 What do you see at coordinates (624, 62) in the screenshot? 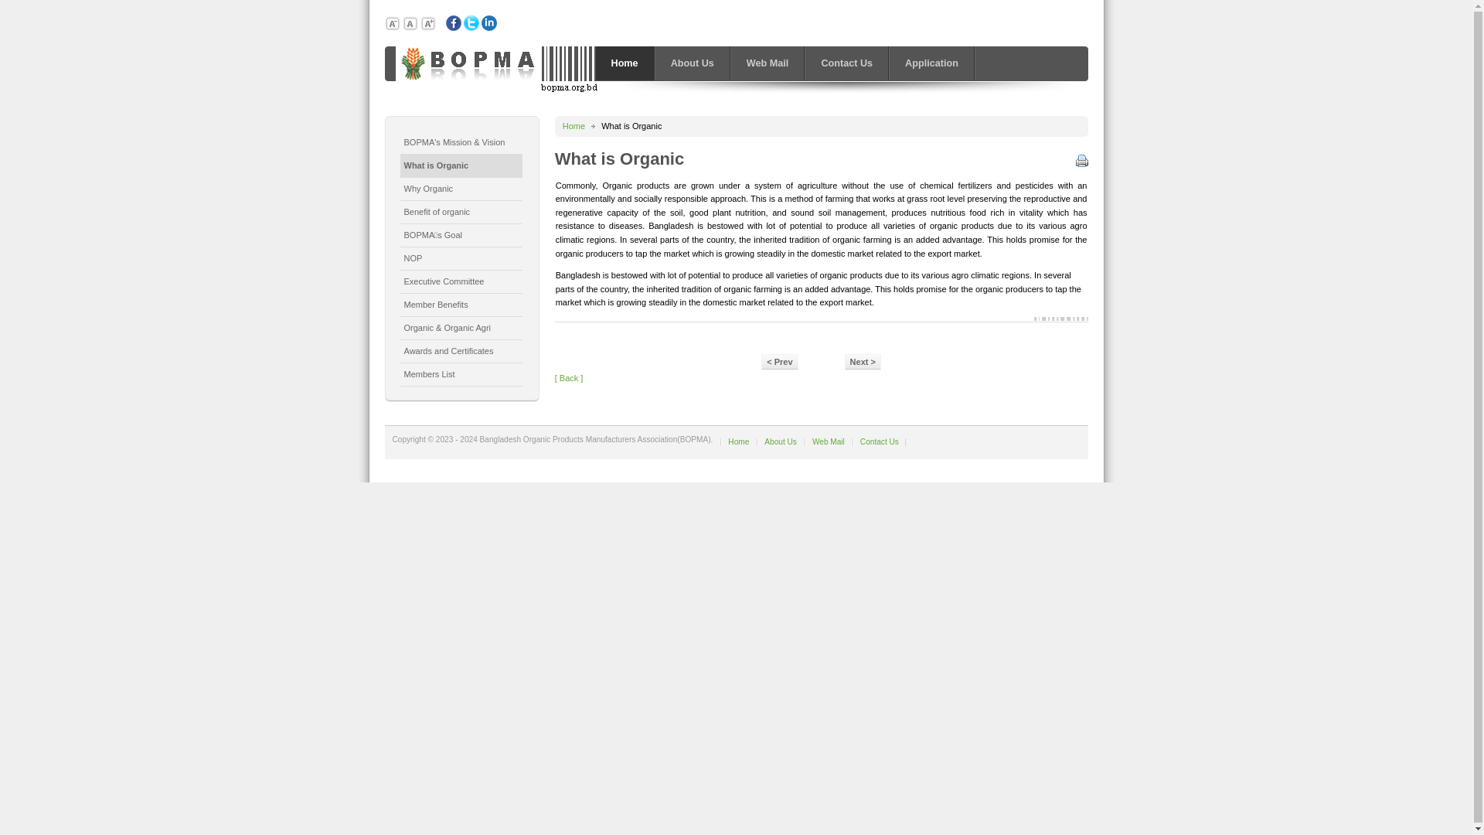
I see `'Home'` at bounding box center [624, 62].